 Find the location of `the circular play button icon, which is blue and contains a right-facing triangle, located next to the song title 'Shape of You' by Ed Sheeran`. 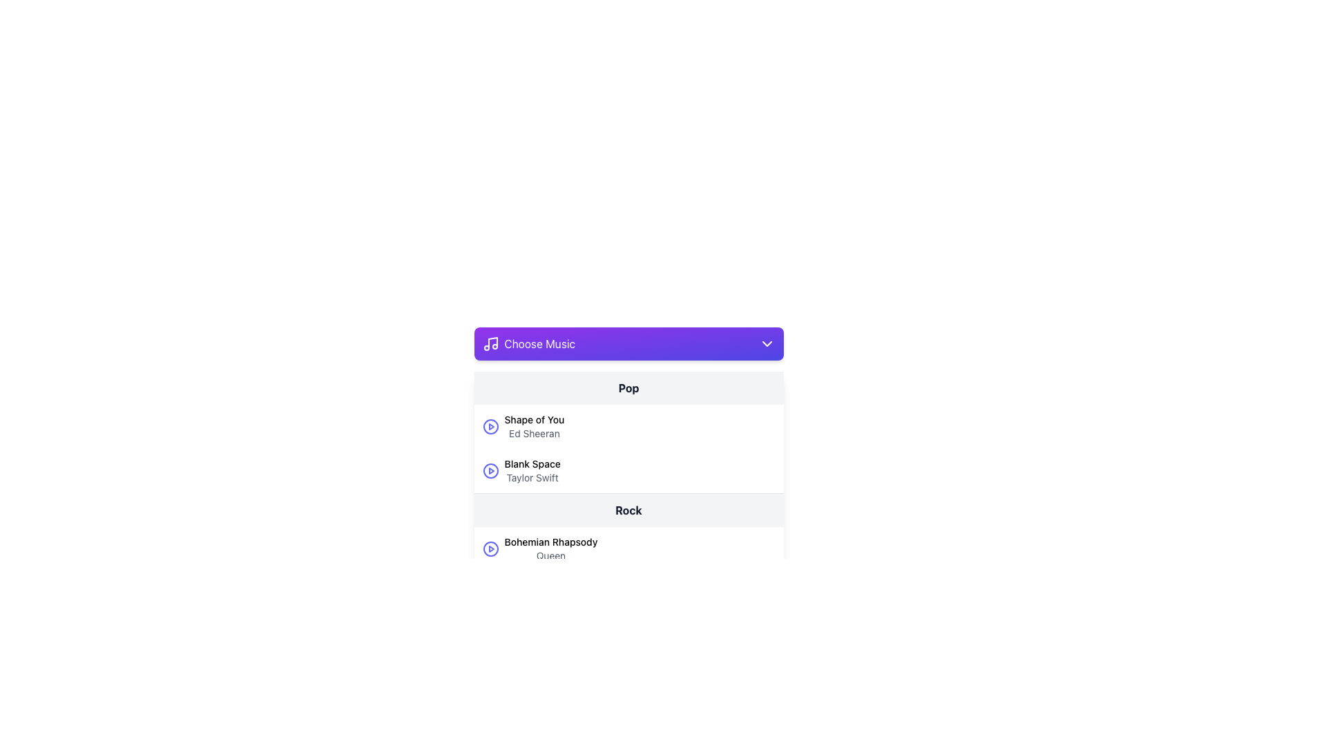

the circular play button icon, which is blue and contains a right-facing triangle, located next to the song title 'Shape of You' by Ed Sheeran is located at coordinates (490, 425).